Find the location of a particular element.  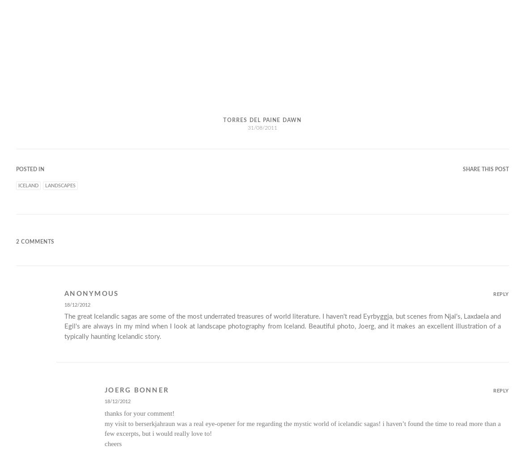

'Iceland' is located at coordinates (28, 185).